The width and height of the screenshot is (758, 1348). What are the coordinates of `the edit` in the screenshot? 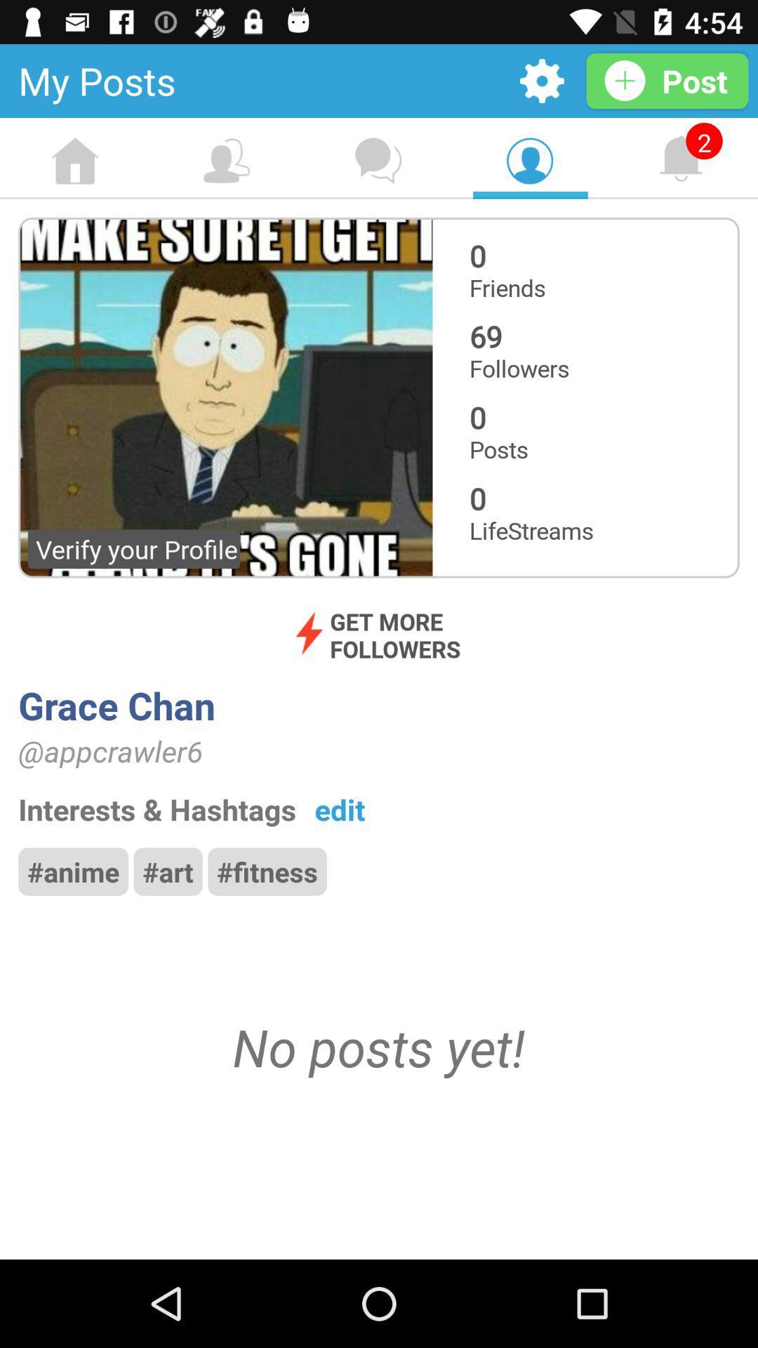 It's located at (340, 809).